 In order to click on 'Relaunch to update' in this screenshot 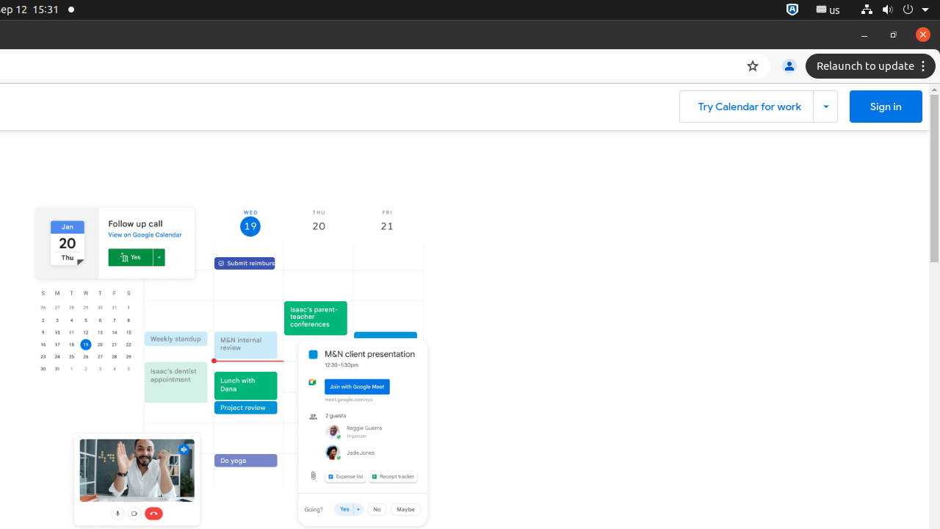, I will do `click(872, 66)`.